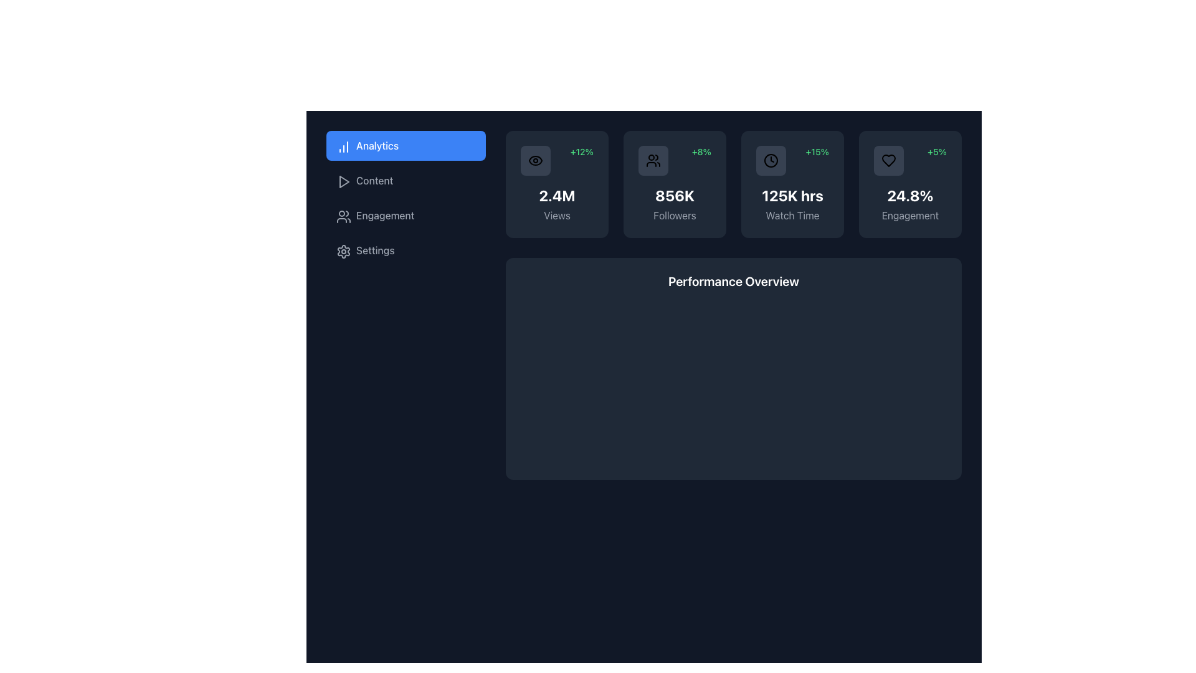 This screenshot has height=673, width=1196. Describe the element at coordinates (343, 215) in the screenshot. I see `the user figures icon, which is styled as a group of human bust outlines and is located on the left-hand navigation bar next to the 'Engagement' label` at that location.